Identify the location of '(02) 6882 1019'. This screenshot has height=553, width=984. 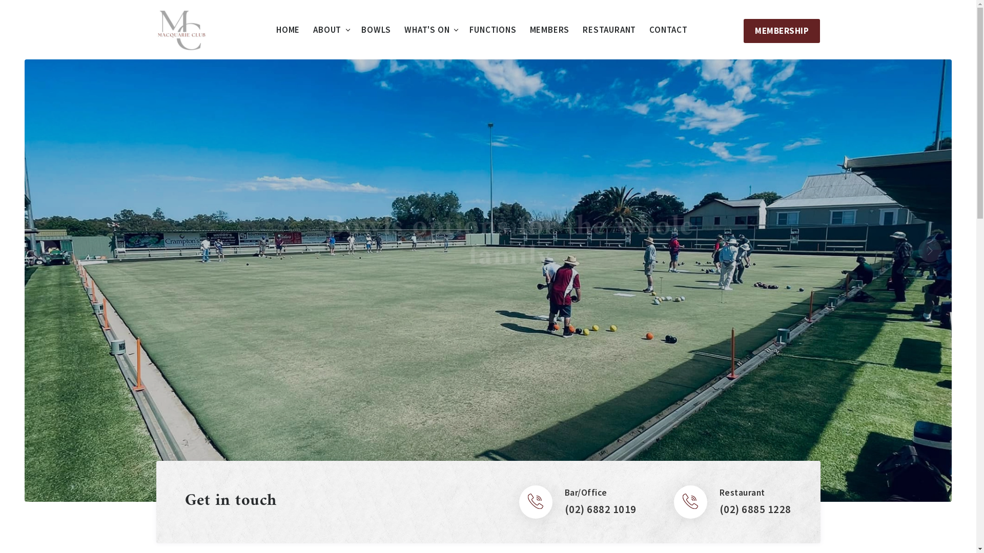
(600, 509).